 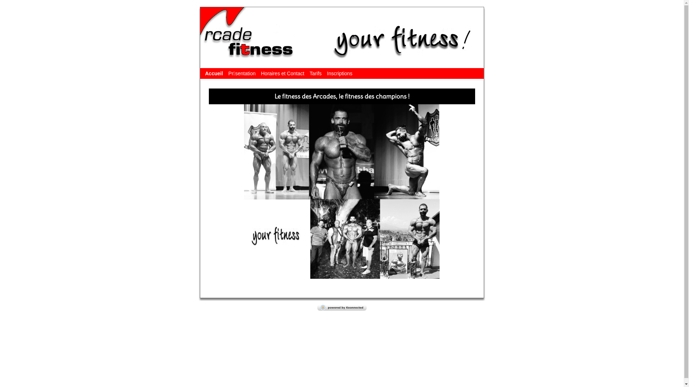 What do you see at coordinates (342, 308) in the screenshot?
I see `'Keonnected'` at bounding box center [342, 308].